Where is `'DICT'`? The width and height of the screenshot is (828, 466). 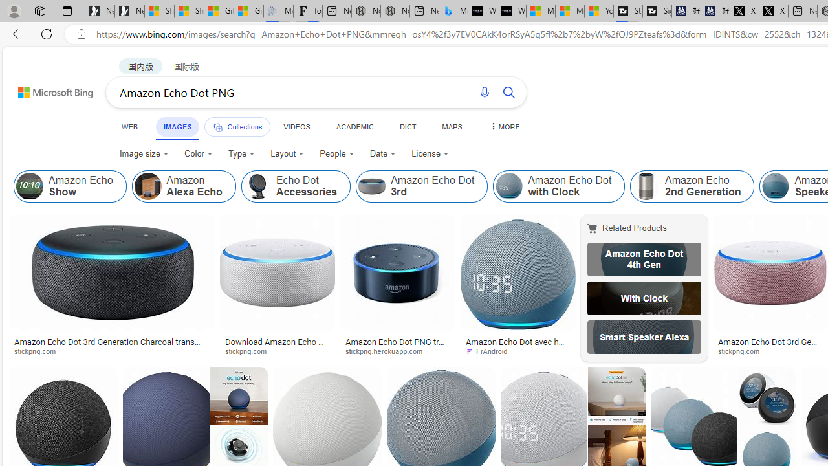
'DICT' is located at coordinates (407, 126).